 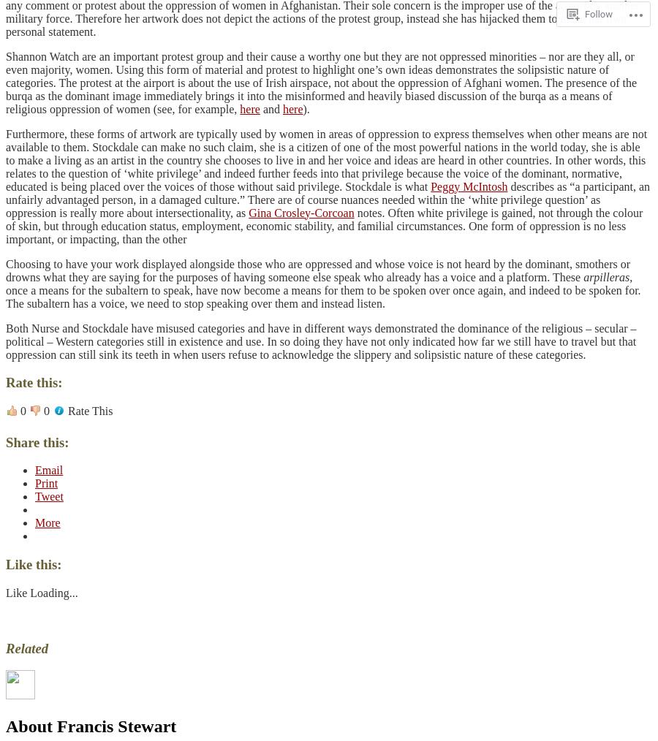 What do you see at coordinates (53, 592) in the screenshot?
I see `'Loading...'` at bounding box center [53, 592].